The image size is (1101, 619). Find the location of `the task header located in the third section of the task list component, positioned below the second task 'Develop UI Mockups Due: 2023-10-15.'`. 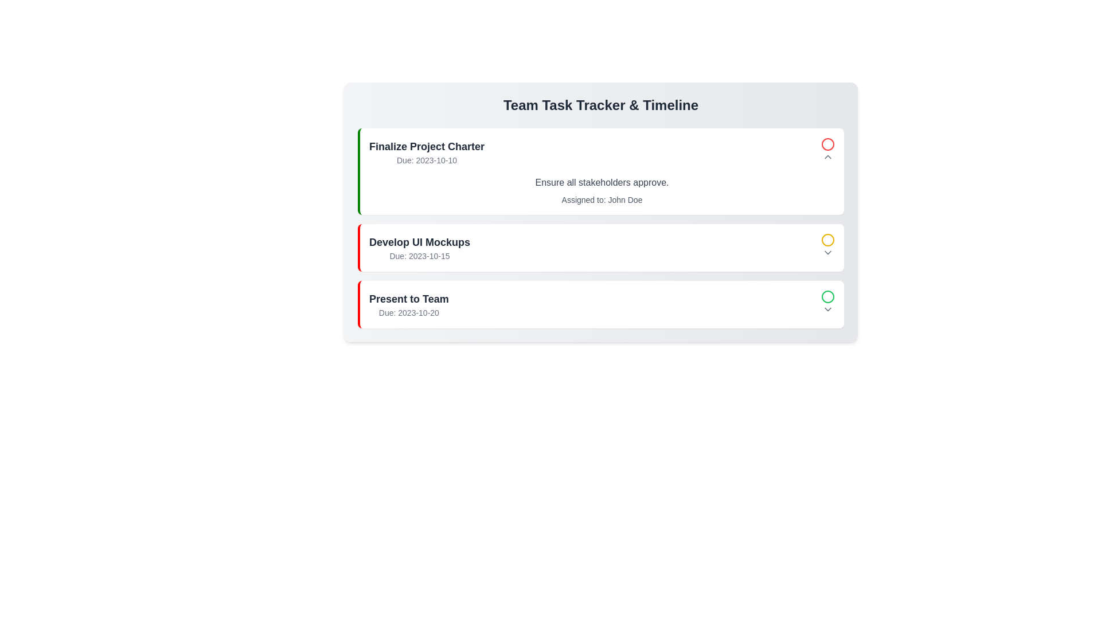

the task header located in the third section of the task list component, positioned below the second task 'Develop UI Mockups Due: 2023-10-15.' is located at coordinates (409, 304).